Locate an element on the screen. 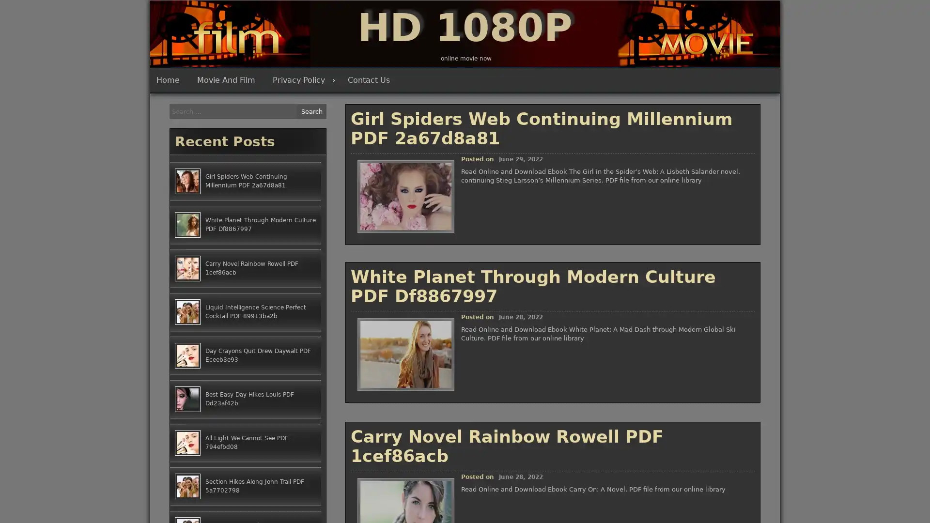 The image size is (930, 523). Search is located at coordinates (311, 111).